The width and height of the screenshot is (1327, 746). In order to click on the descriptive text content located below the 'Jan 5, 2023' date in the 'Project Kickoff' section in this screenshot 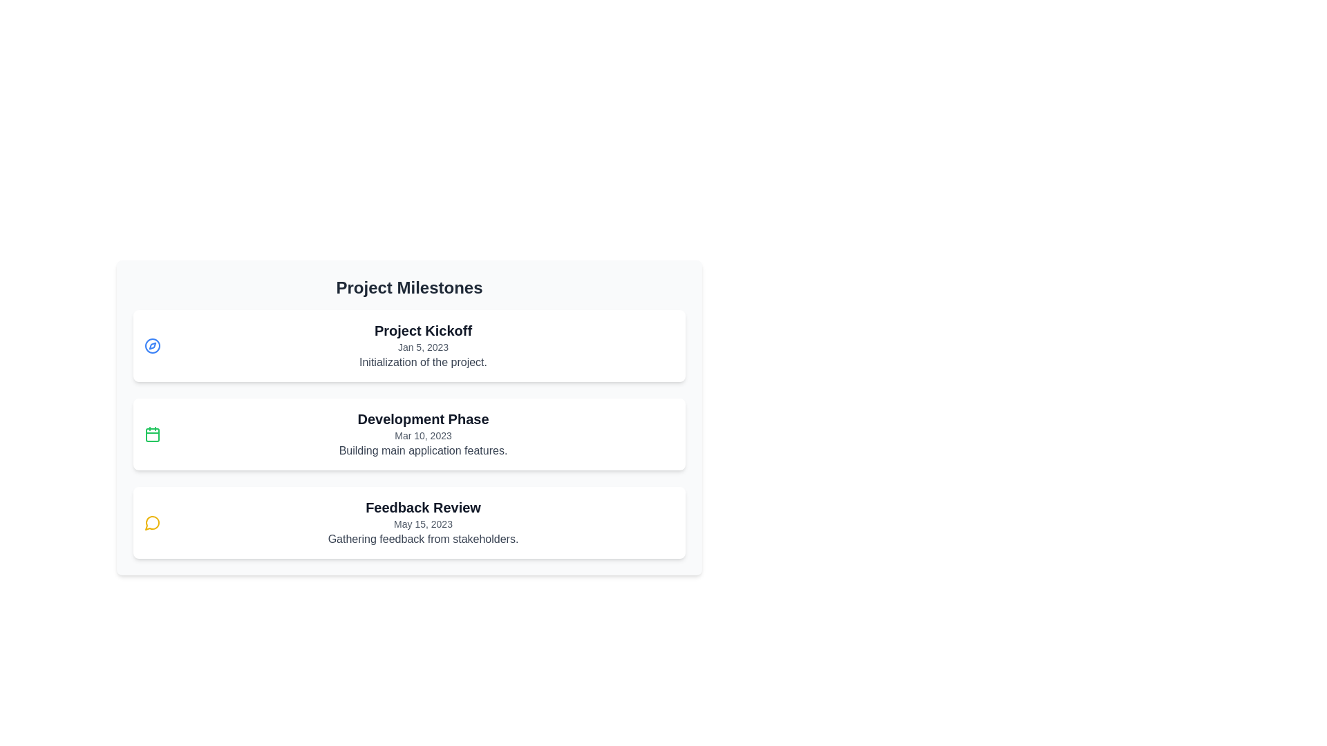, I will do `click(422, 361)`.